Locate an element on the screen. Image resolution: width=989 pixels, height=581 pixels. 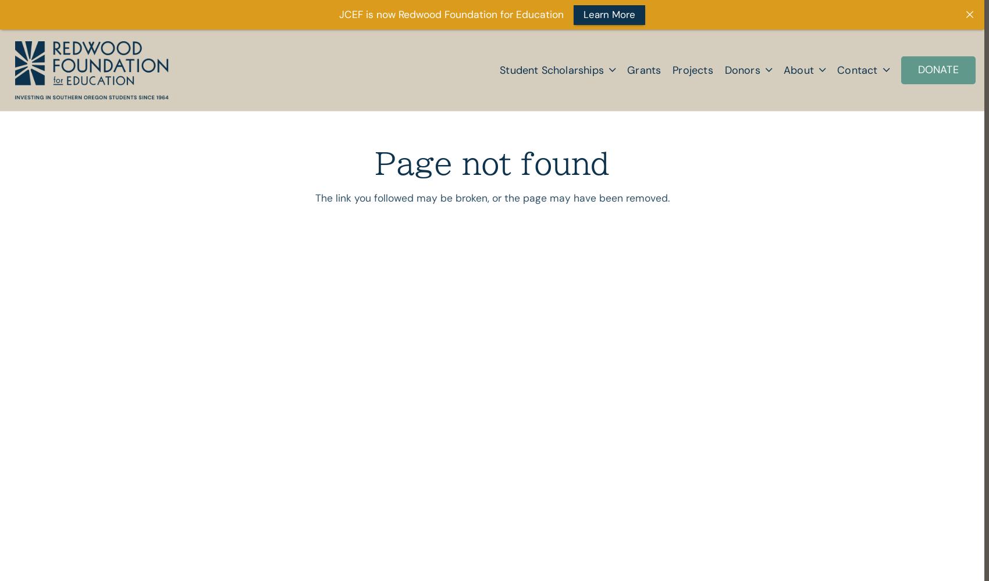
'How It Works' is located at coordinates (762, 146).